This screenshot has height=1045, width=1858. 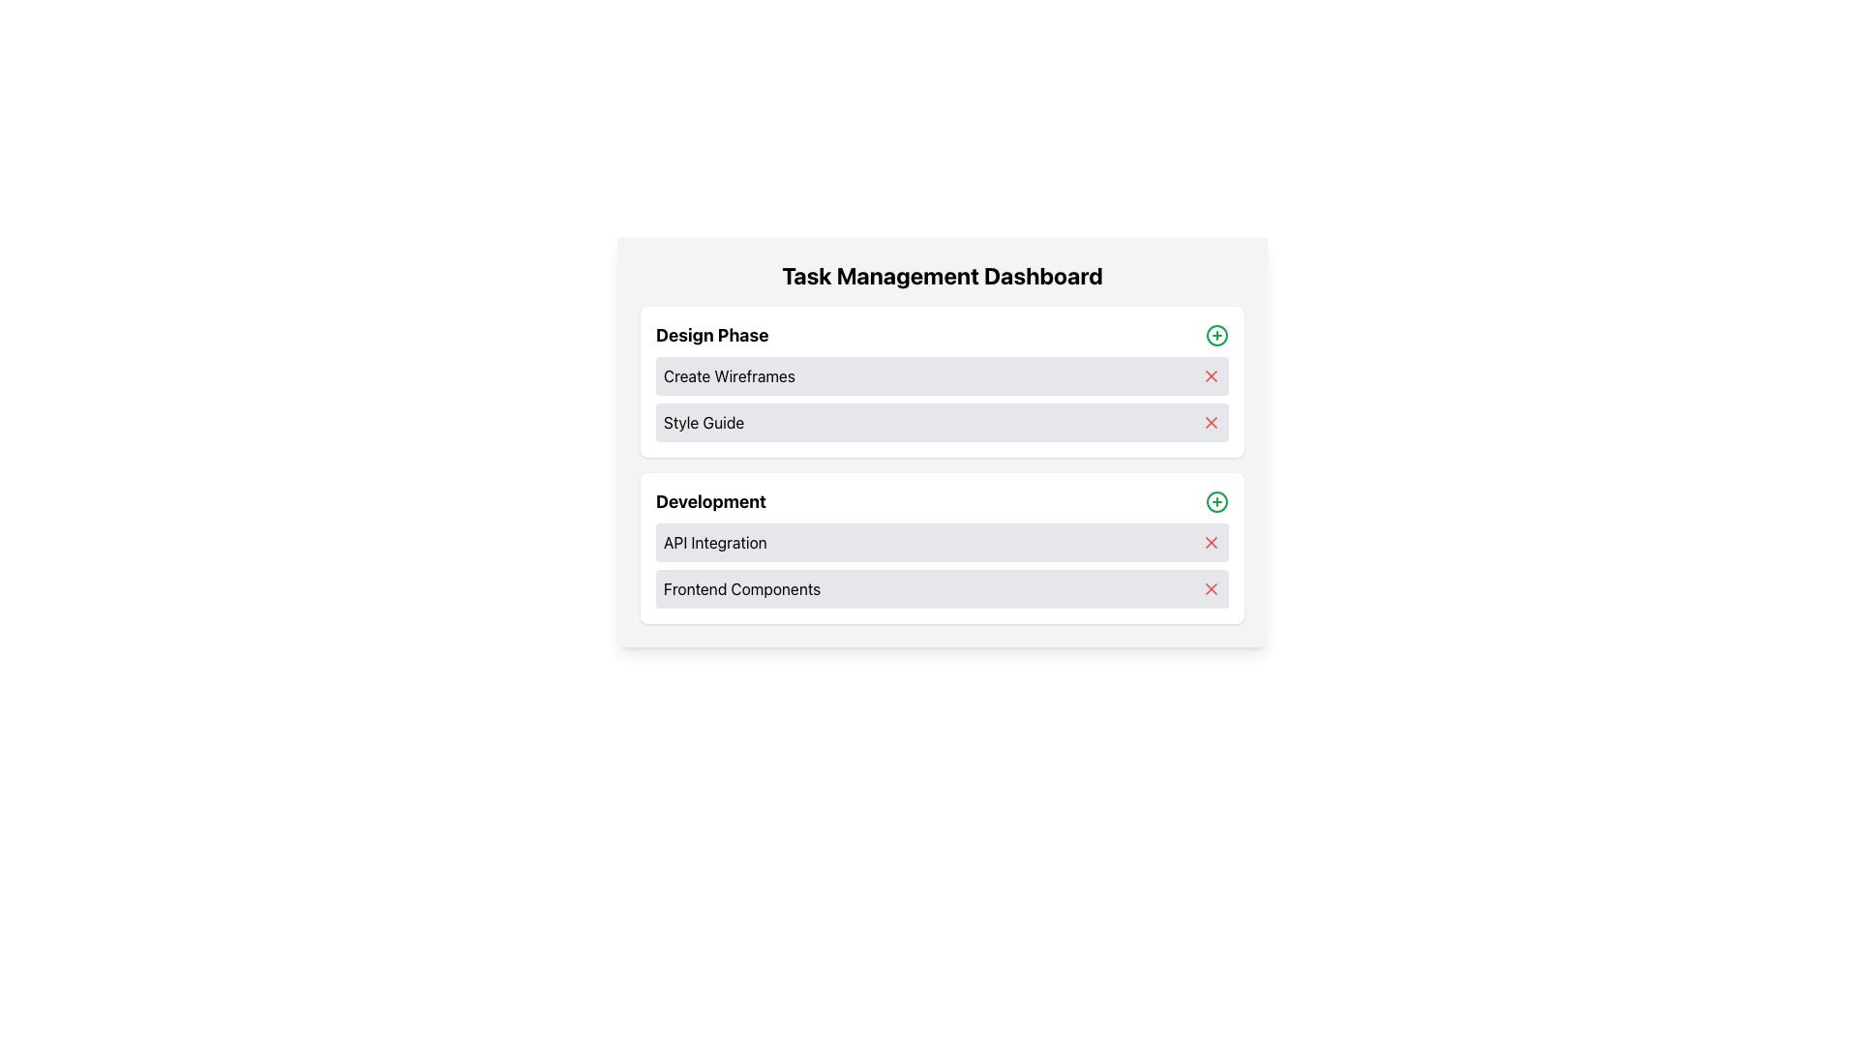 What do you see at coordinates (943, 398) in the screenshot?
I see `the items in the 'Design Phase' Grouped List of Actionable Items for reordering` at bounding box center [943, 398].